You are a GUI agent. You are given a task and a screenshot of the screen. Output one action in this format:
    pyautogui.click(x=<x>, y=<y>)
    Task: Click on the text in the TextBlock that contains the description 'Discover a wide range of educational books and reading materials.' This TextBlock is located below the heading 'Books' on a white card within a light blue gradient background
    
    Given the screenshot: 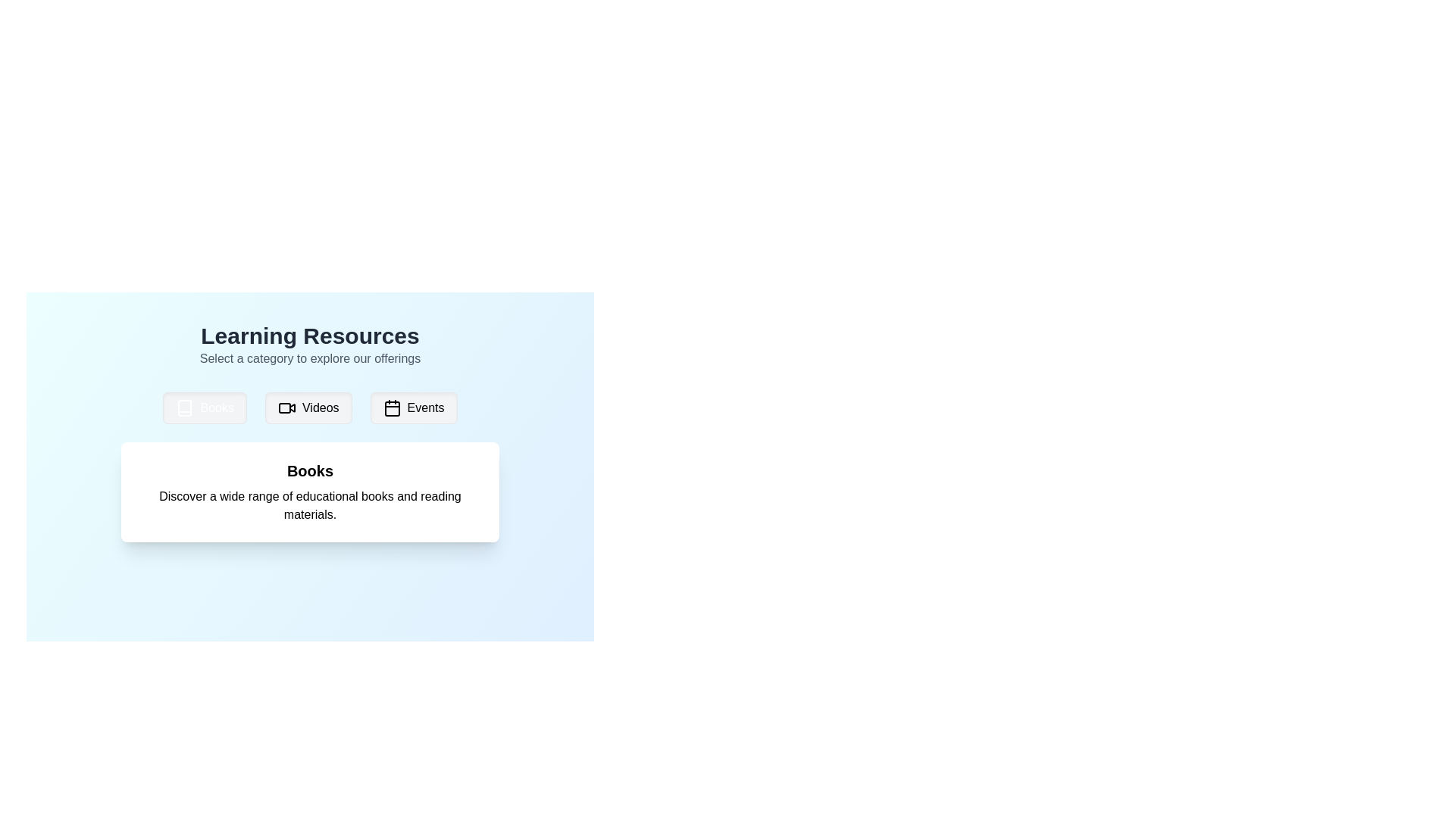 What is the action you would take?
    pyautogui.click(x=309, y=505)
    